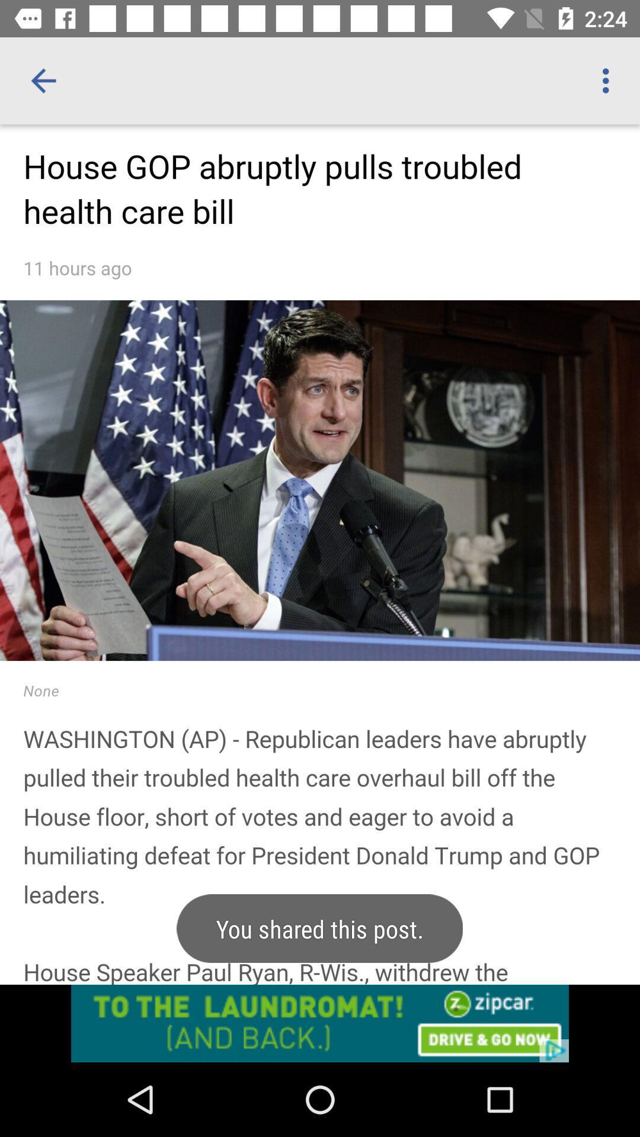 The height and width of the screenshot is (1137, 640). What do you see at coordinates (320, 1023) in the screenshot?
I see `the advertisement` at bounding box center [320, 1023].